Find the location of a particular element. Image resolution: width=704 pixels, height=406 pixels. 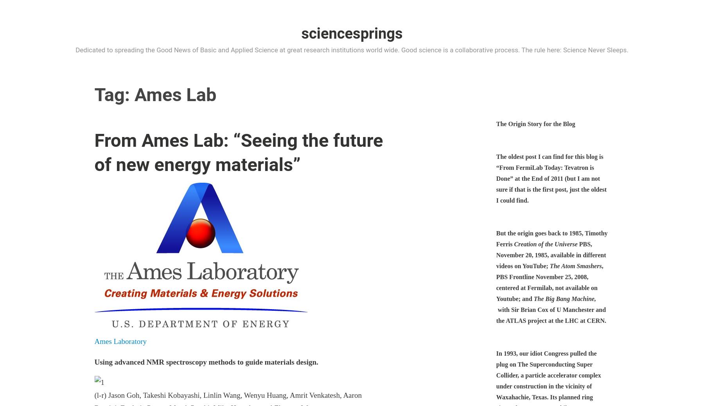

'Dedicated to spreading the Good News  of Basic and Applied Science at great research institutions world wide. Good science is a collaborative process. The rule here: Science Never Sleeps.' is located at coordinates (352, 49).